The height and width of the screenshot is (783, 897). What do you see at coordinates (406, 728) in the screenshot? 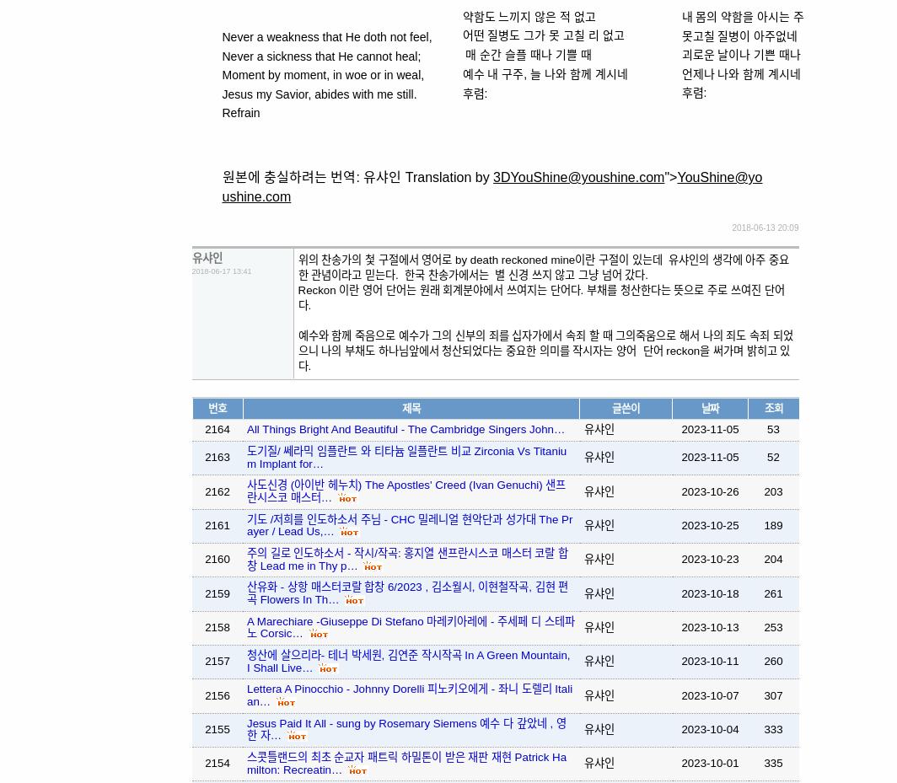
I see `'Jesus Paid It All - sung by Rosemary Siemens 예수 다 갚았네 , 영한 자…'` at bounding box center [406, 728].